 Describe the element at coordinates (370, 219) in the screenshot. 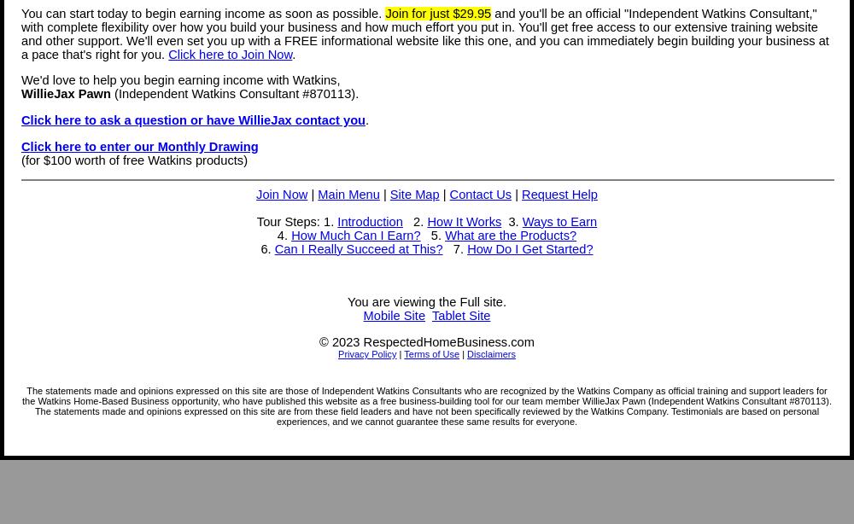

I see `'Introduction'` at that location.